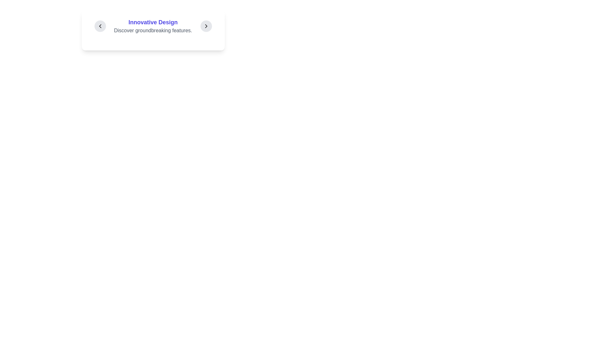 The width and height of the screenshot is (613, 345). What do you see at coordinates (100, 26) in the screenshot?
I see `the circular button with a light gray background and a left-pointing arrow icon for keyboard interaction` at bounding box center [100, 26].